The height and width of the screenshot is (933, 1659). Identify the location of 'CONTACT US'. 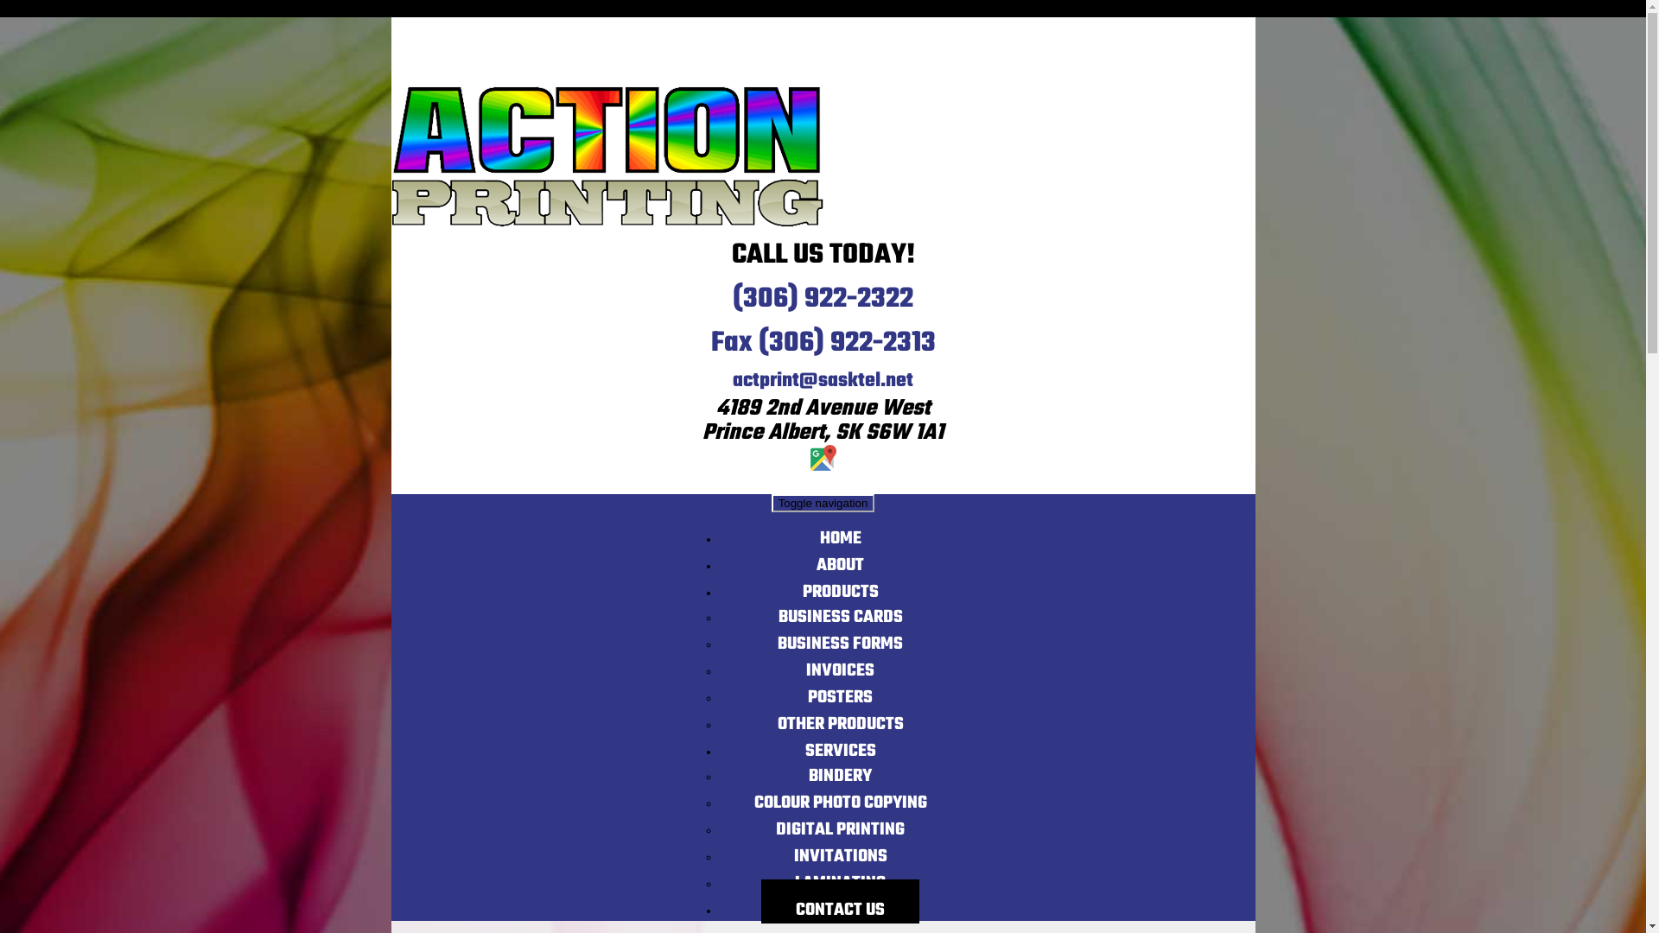
(840, 900).